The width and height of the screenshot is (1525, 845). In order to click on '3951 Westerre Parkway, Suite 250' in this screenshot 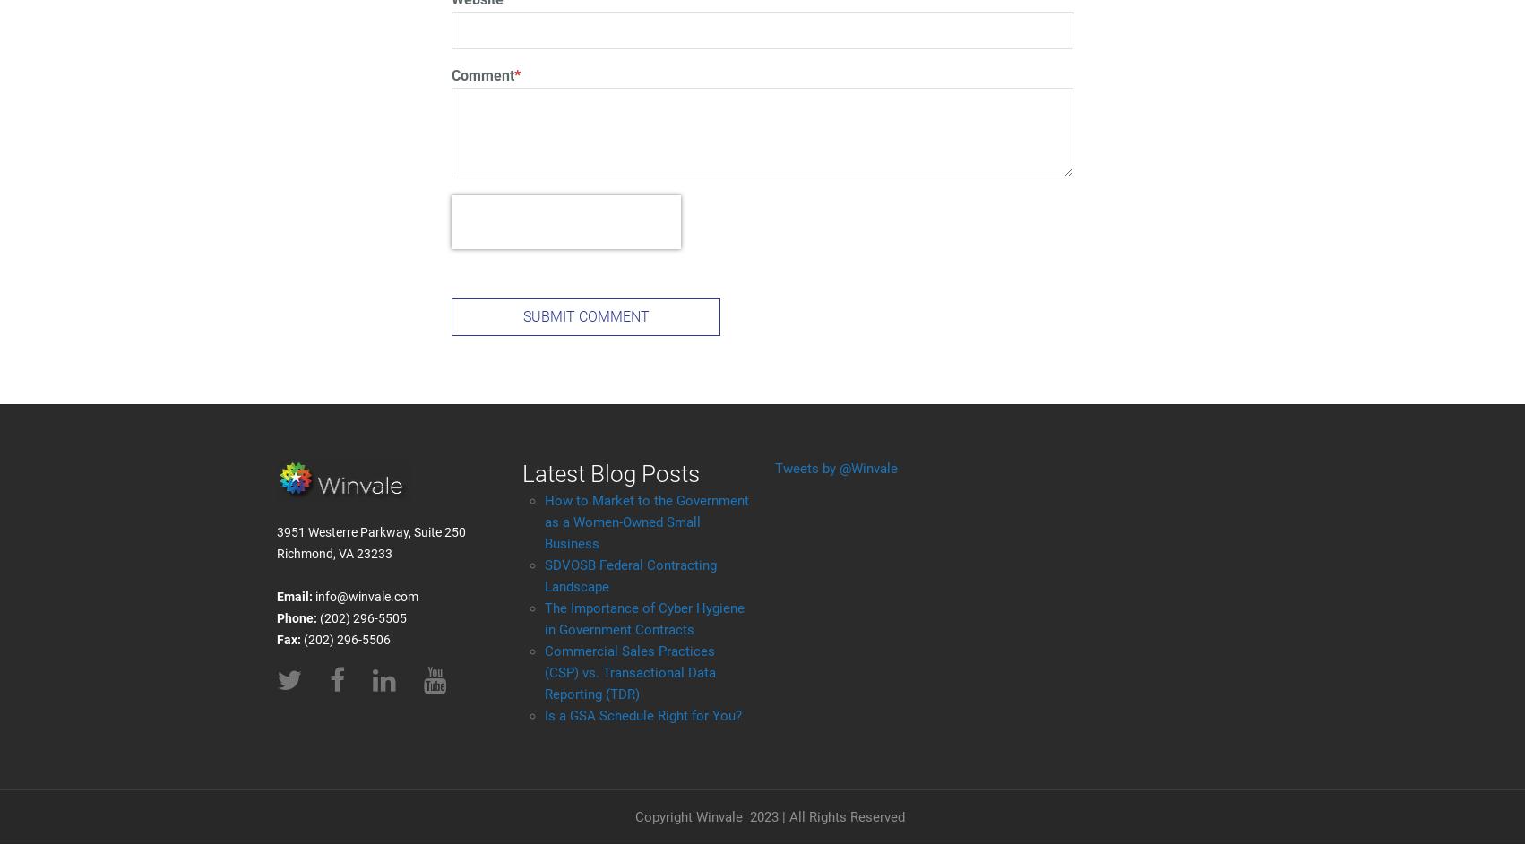, I will do `click(371, 530)`.